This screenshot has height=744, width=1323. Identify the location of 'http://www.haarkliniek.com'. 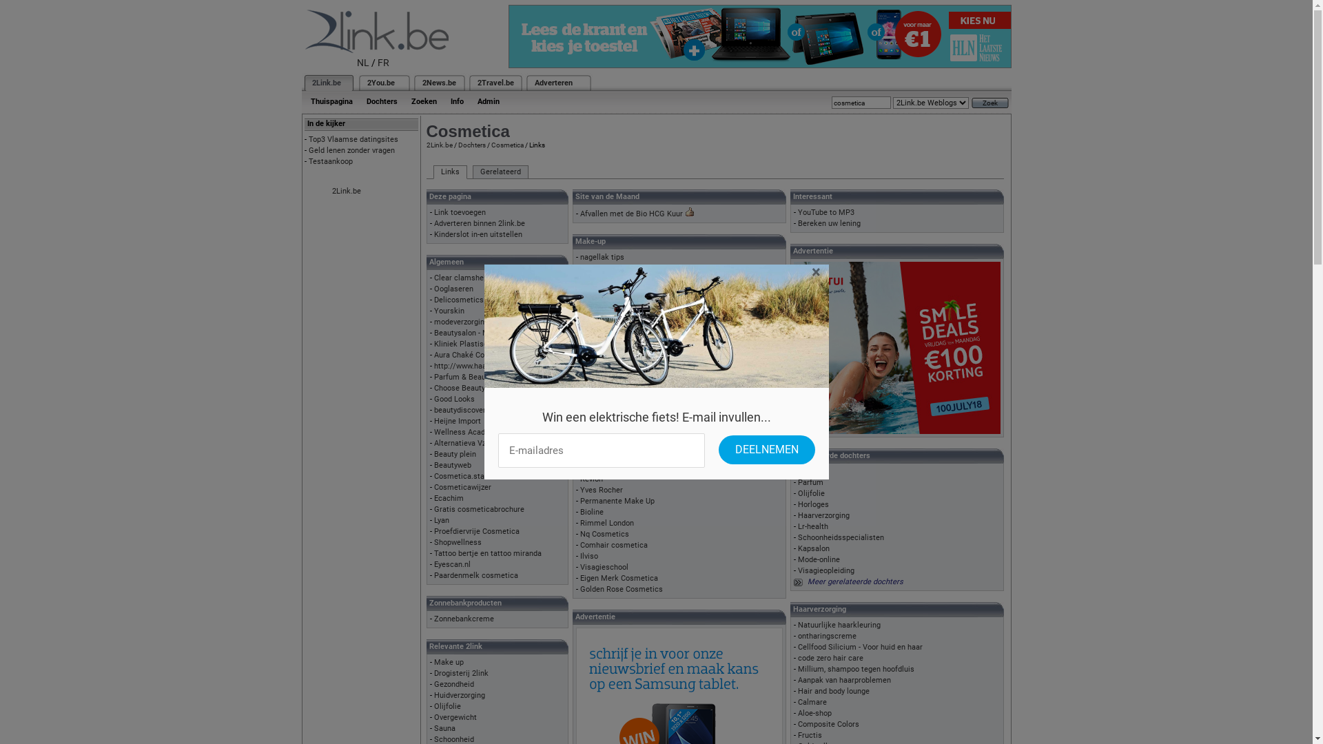
(433, 365).